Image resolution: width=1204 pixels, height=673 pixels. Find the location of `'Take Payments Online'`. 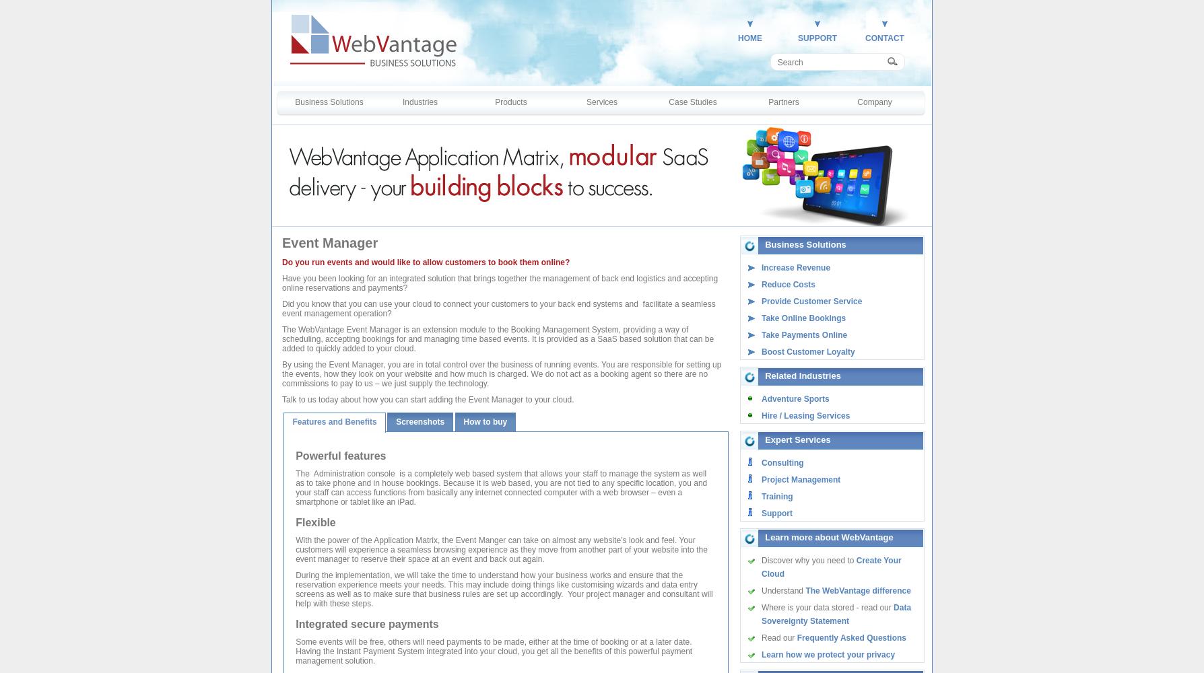

'Take Payments Online' is located at coordinates (803, 334).